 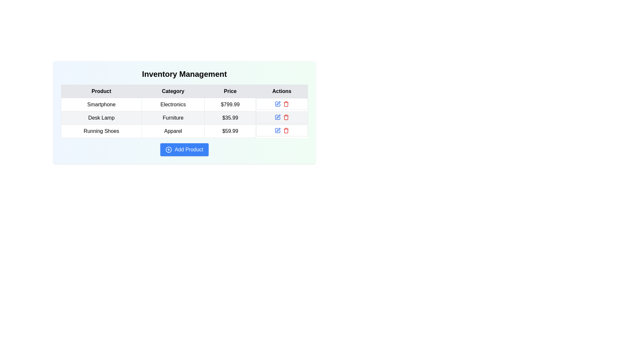 What do you see at coordinates (286, 104) in the screenshot?
I see `the trash bin icon in the third row of the 'Actions' column, which is associated with the 'Running Shoes' entry, to indicate the delete action` at bounding box center [286, 104].